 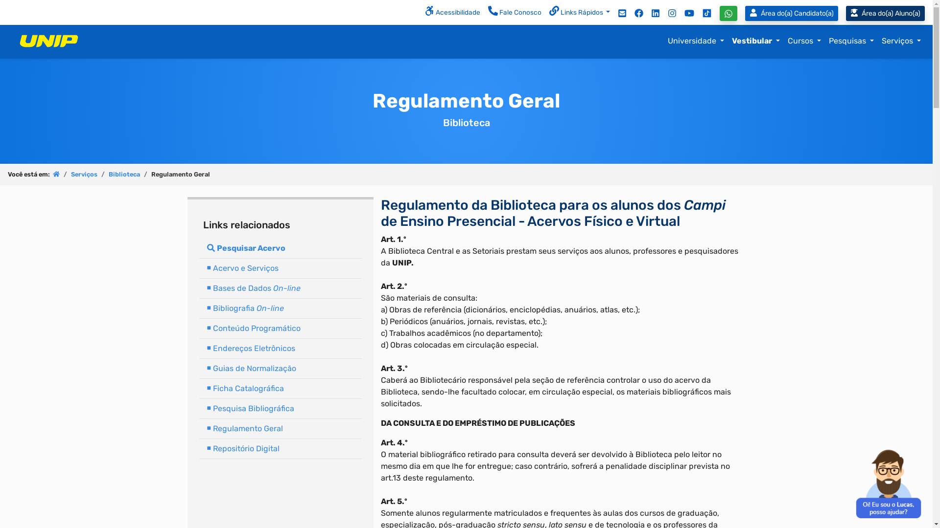 What do you see at coordinates (514, 13) in the screenshot?
I see `'Fale Conosco'` at bounding box center [514, 13].